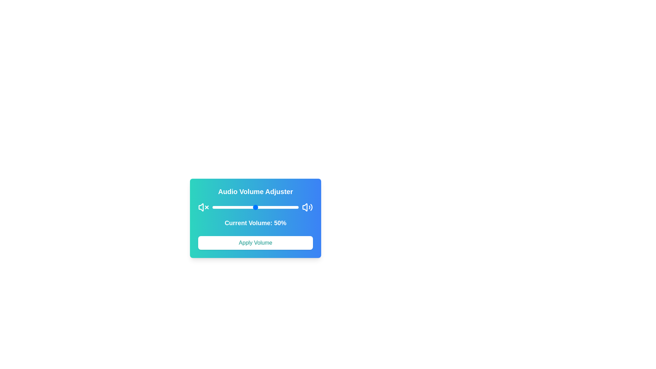 Image resolution: width=656 pixels, height=369 pixels. What do you see at coordinates (252, 207) in the screenshot?
I see `the volume to 47% by dragging the slider` at bounding box center [252, 207].